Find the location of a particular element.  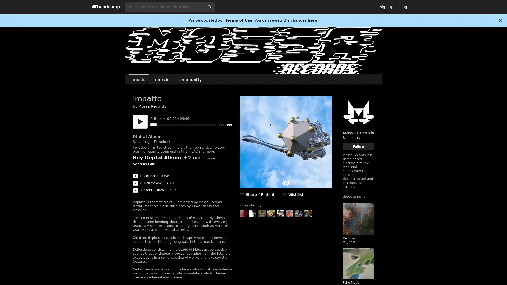

Play Deflessione is located at coordinates (135, 183).